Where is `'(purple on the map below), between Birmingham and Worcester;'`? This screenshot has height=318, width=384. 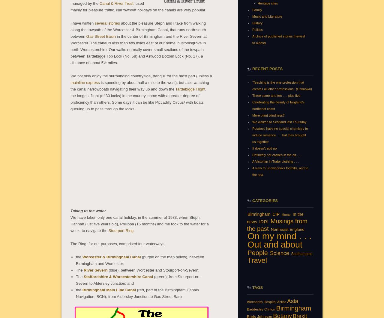 '(purple on the map below), between Birmingham and Worcester;' is located at coordinates (76, 260).